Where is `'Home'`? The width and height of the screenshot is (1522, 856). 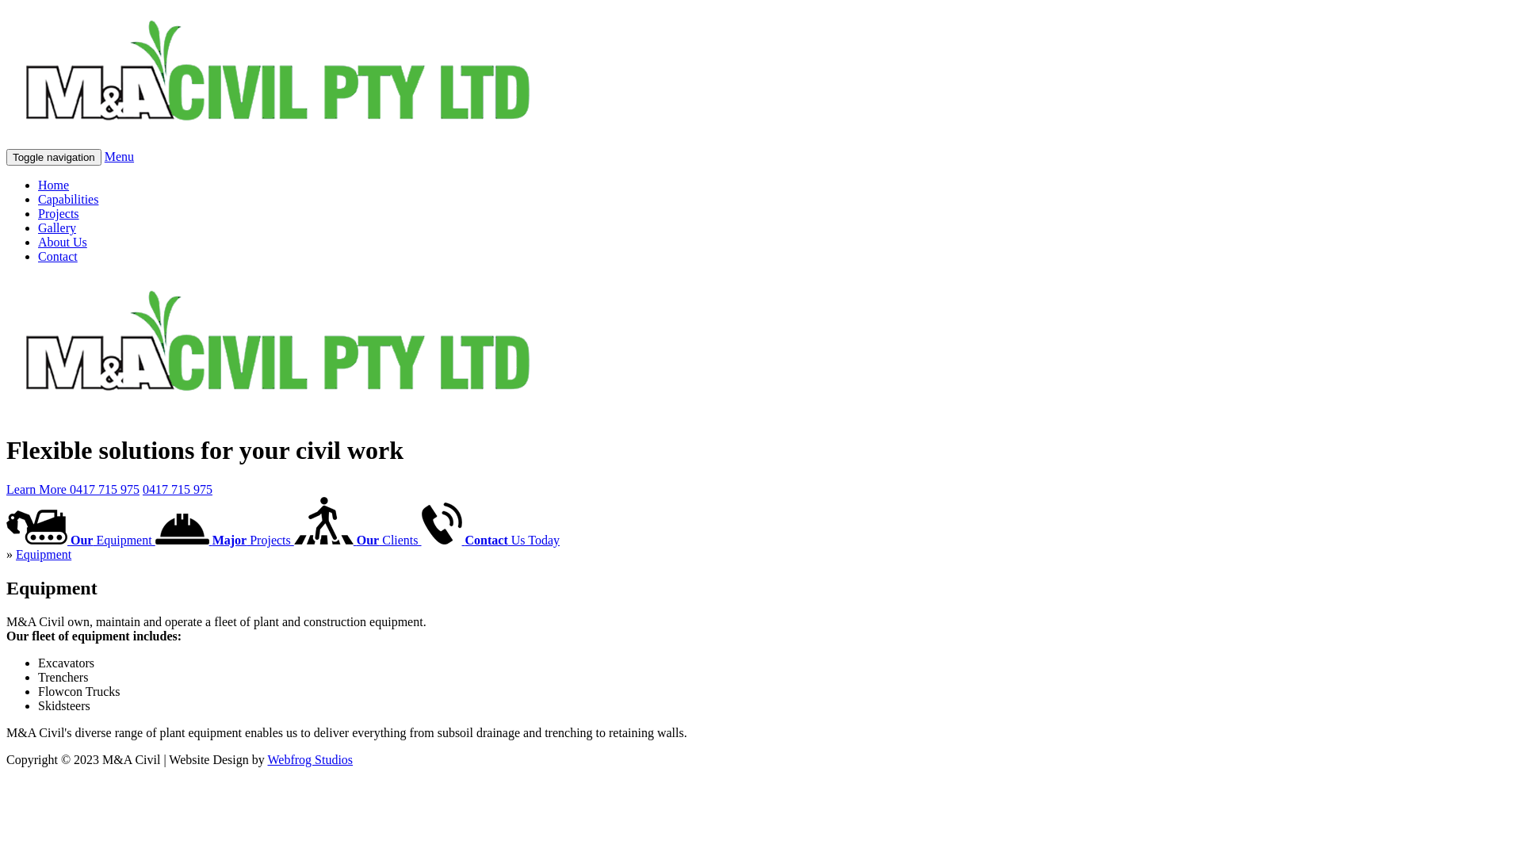
'Home' is located at coordinates (53, 184).